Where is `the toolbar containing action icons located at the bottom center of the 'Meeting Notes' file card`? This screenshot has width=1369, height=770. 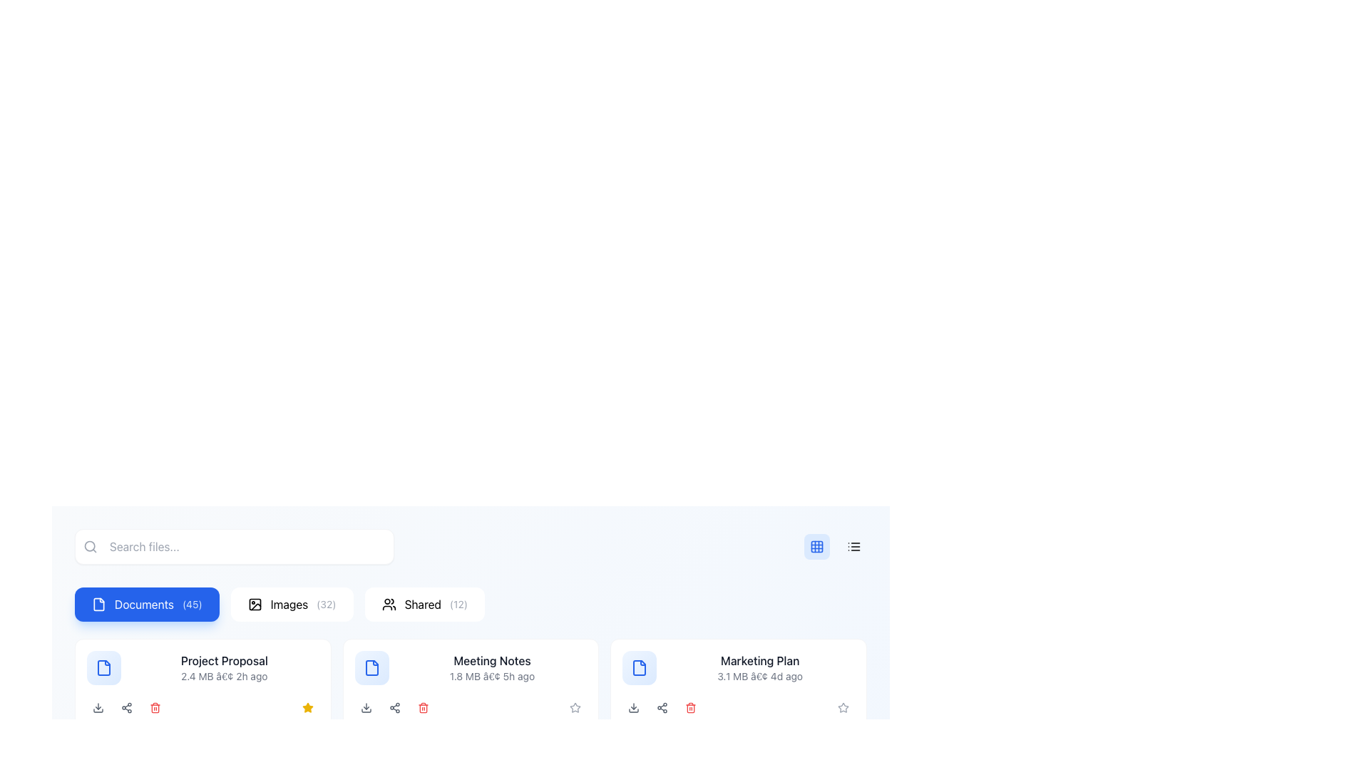
the toolbar containing action icons located at the bottom center of the 'Meeting Notes' file card is located at coordinates (471, 707).